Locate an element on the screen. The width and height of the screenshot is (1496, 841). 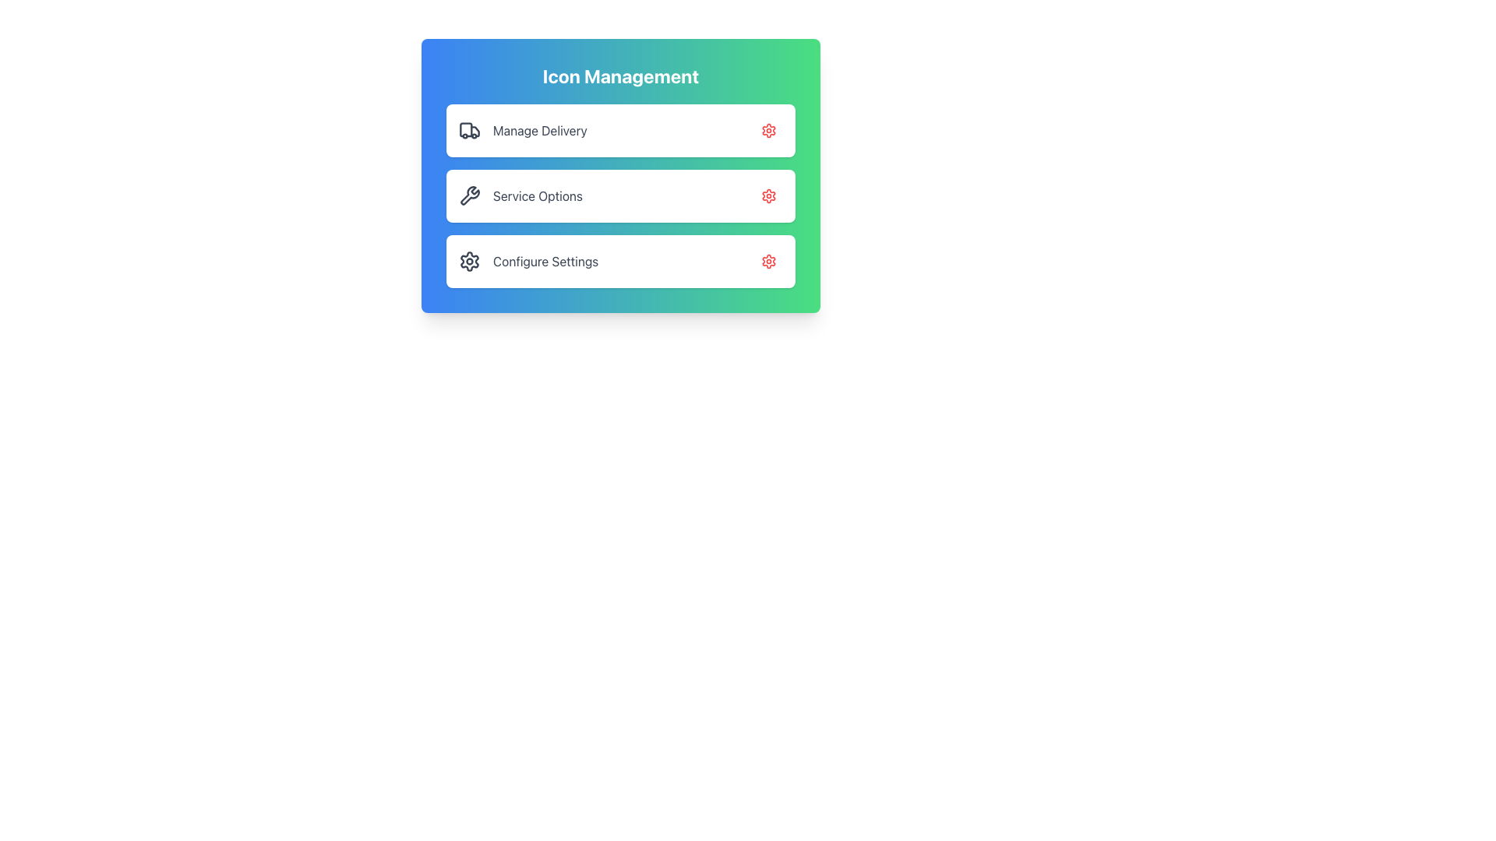
the clickable list item labeled 'Configure Settings' which features a gear icon, located in the 'Icon Management' section of the panel is located at coordinates (528, 260).